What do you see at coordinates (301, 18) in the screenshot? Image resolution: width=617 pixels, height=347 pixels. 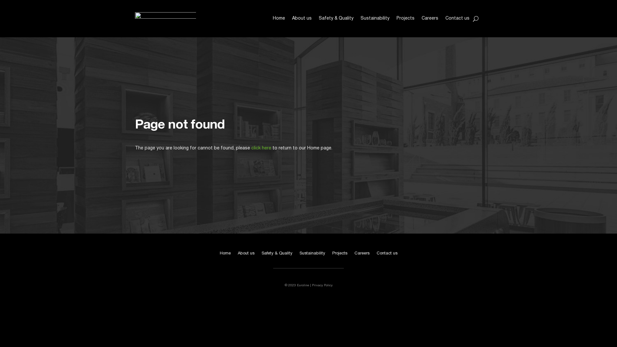 I see `'About us'` at bounding box center [301, 18].